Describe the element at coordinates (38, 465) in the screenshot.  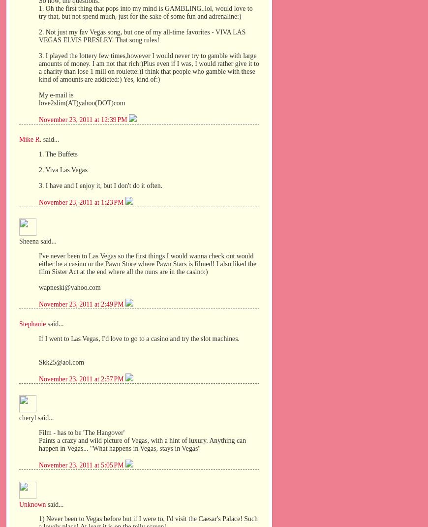
I see `'November 23, 2011 at 5:05 PM'` at that location.